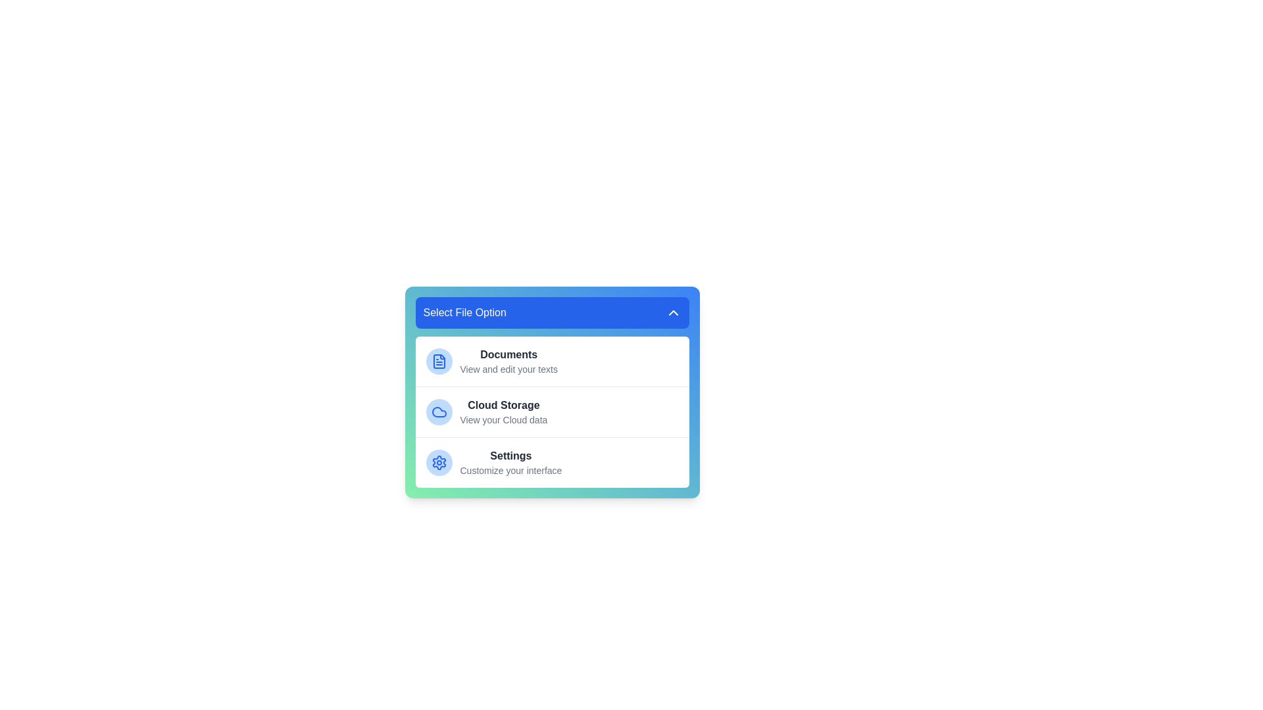 The image size is (1263, 710). Describe the element at coordinates (508, 362) in the screenshot. I see `the 'Documents' text label, which is the first item in the vertically stacked menu pane above 'Cloud Storage' and 'Settings'` at that location.